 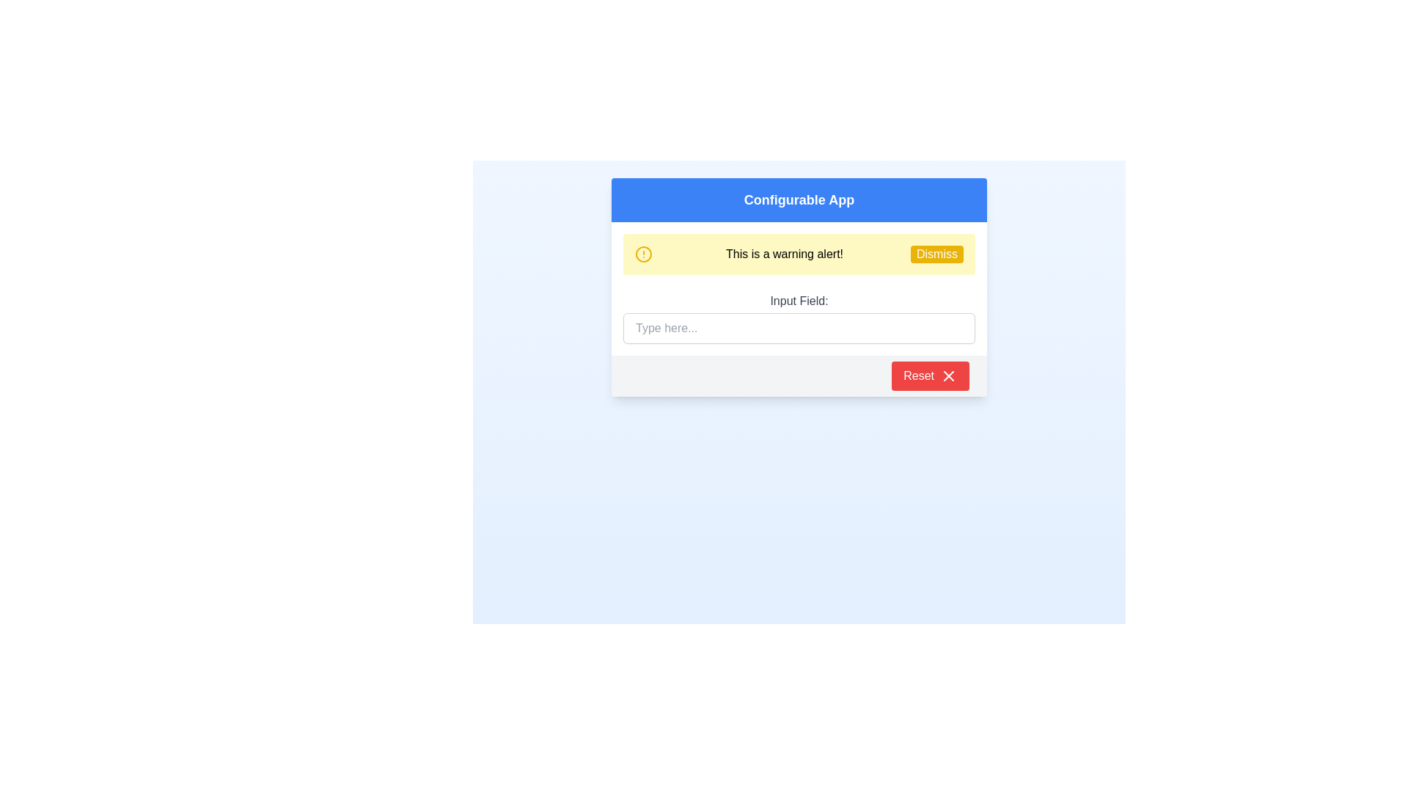 What do you see at coordinates (949, 375) in the screenshot?
I see `the close icon, which is typically used to dismiss a dialog box, located near the top right of the dialog box` at bounding box center [949, 375].